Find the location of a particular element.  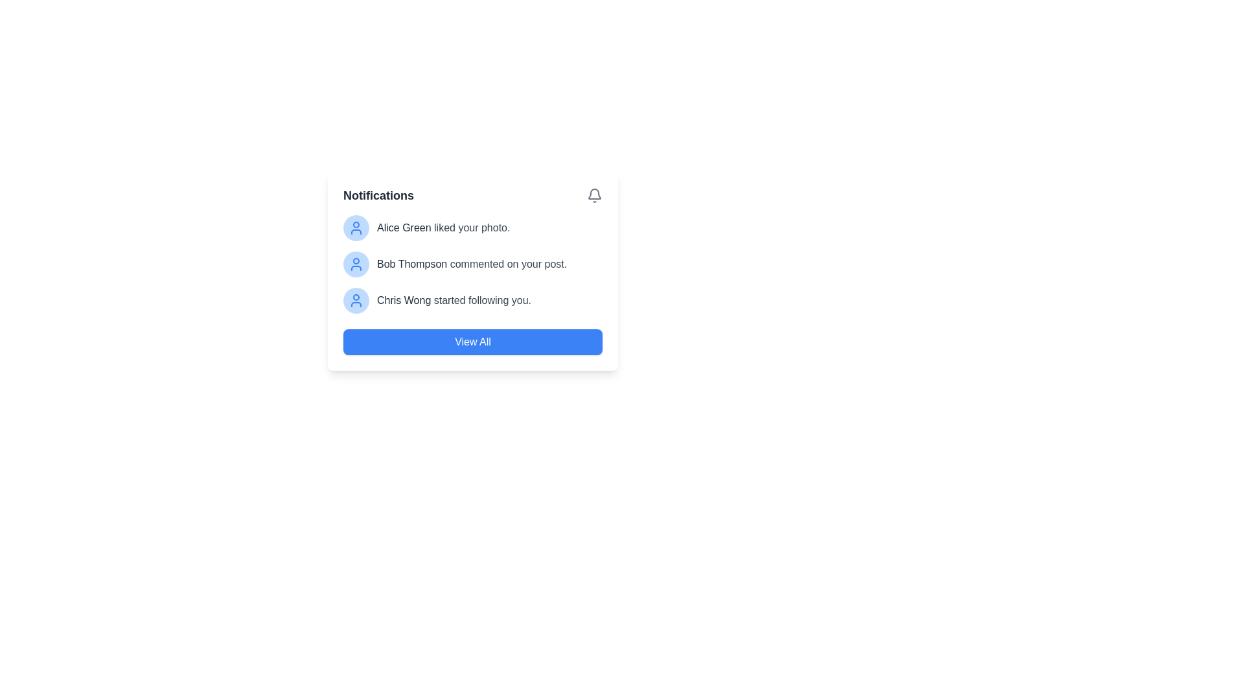

the static notification entry that informs the user that 'Chris Wong started following you.' This element is the third notification in the list, positioned below the notification about Bob Thompson and above the 'View All' button is located at coordinates (472, 300).